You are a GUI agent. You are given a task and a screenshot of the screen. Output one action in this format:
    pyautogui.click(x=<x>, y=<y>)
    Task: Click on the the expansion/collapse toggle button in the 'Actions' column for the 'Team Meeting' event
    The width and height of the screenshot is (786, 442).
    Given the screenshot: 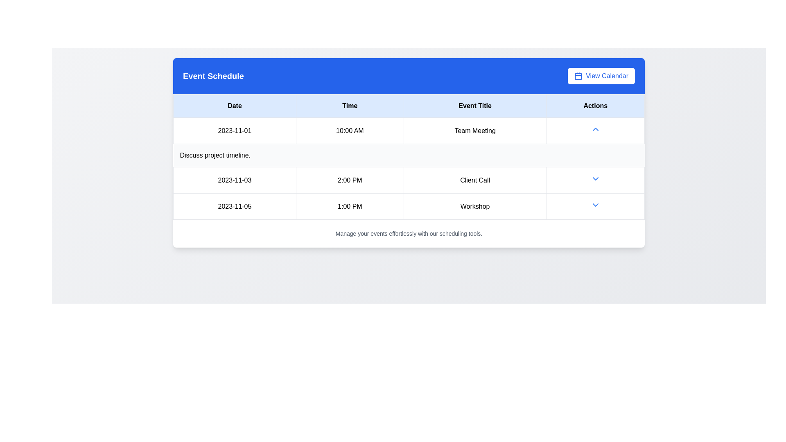 What is the action you would take?
    pyautogui.click(x=595, y=129)
    